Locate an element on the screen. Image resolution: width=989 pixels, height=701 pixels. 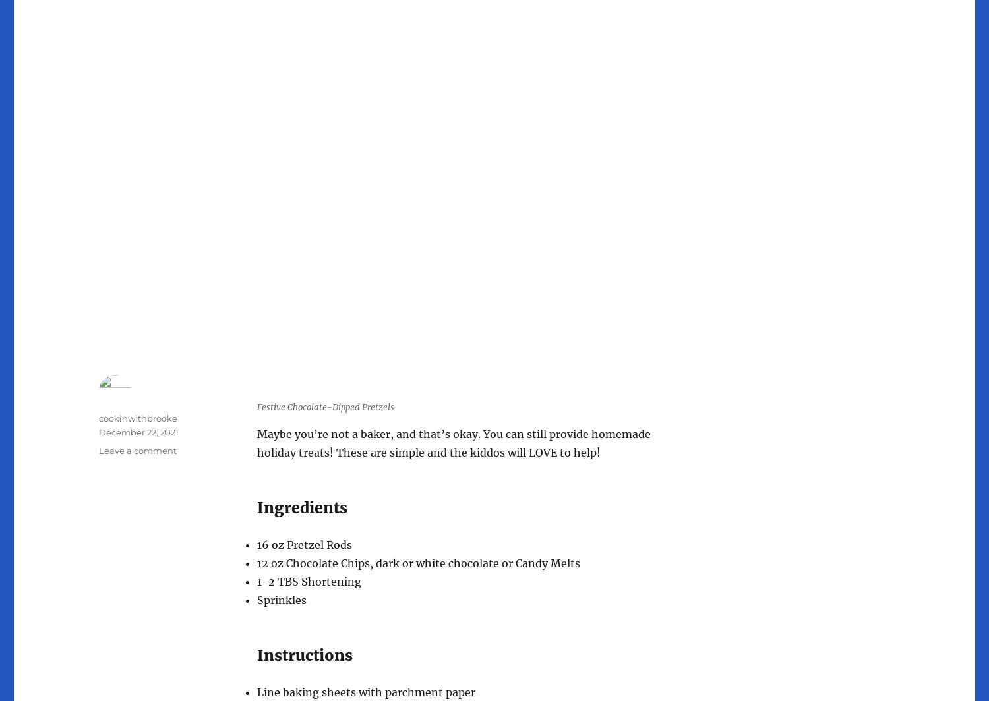
'12 oz Chocolate Chips, dark or white chocolate or Candy Melts' is located at coordinates (418, 563).